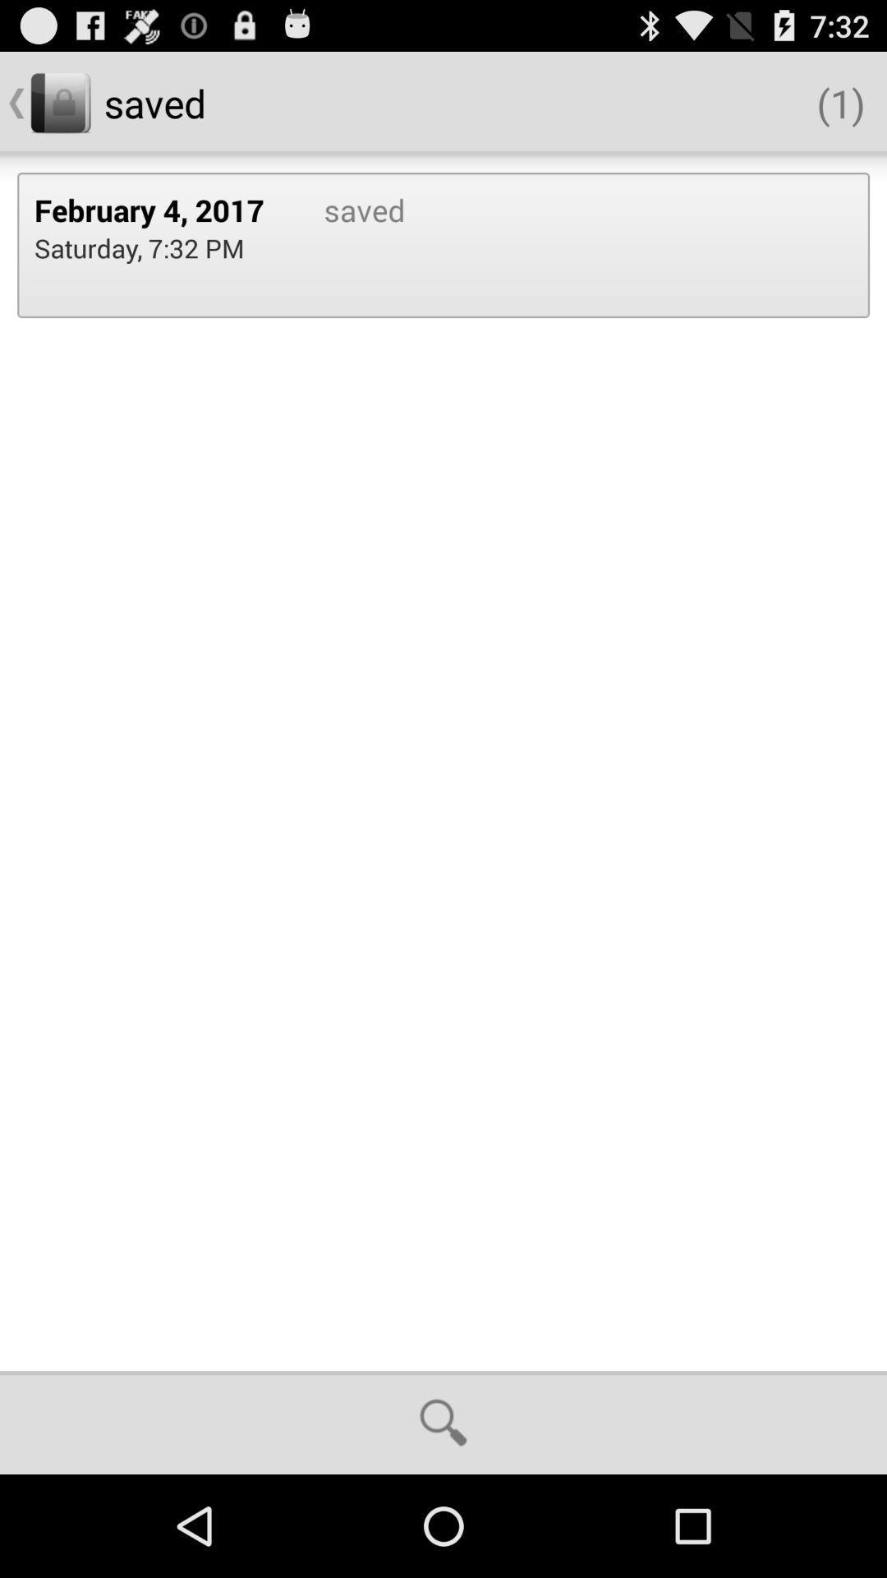 This screenshot has height=1578, width=887. I want to click on the february 4, 2017 icon, so click(162, 209).